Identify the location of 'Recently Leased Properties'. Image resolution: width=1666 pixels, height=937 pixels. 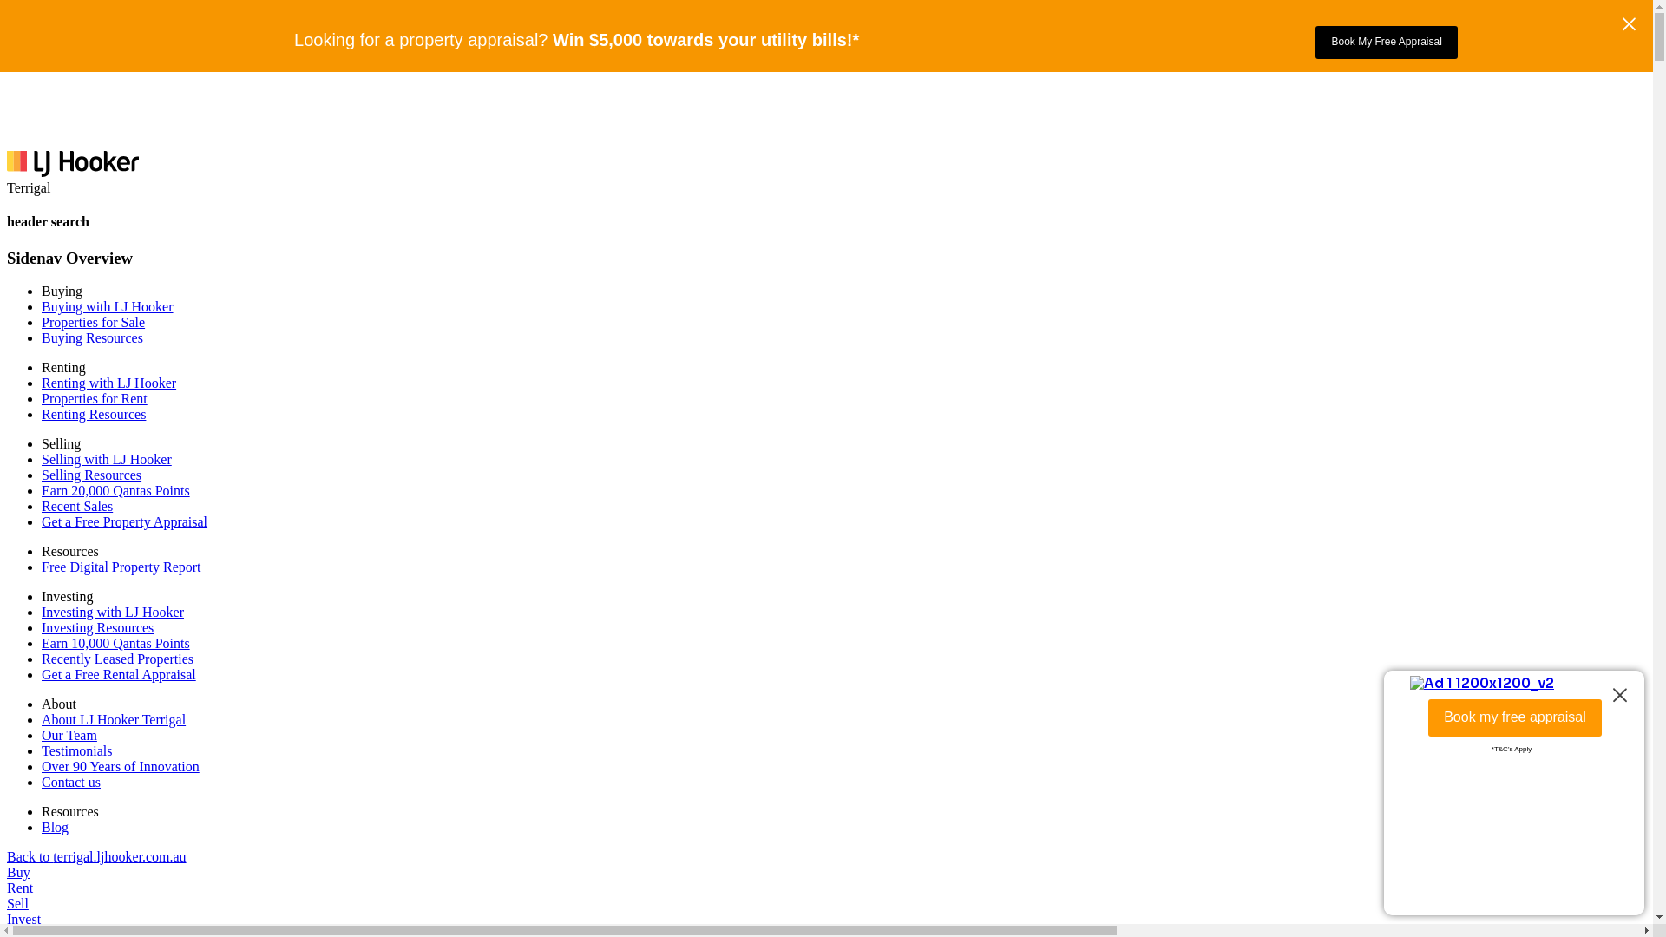
(116, 659).